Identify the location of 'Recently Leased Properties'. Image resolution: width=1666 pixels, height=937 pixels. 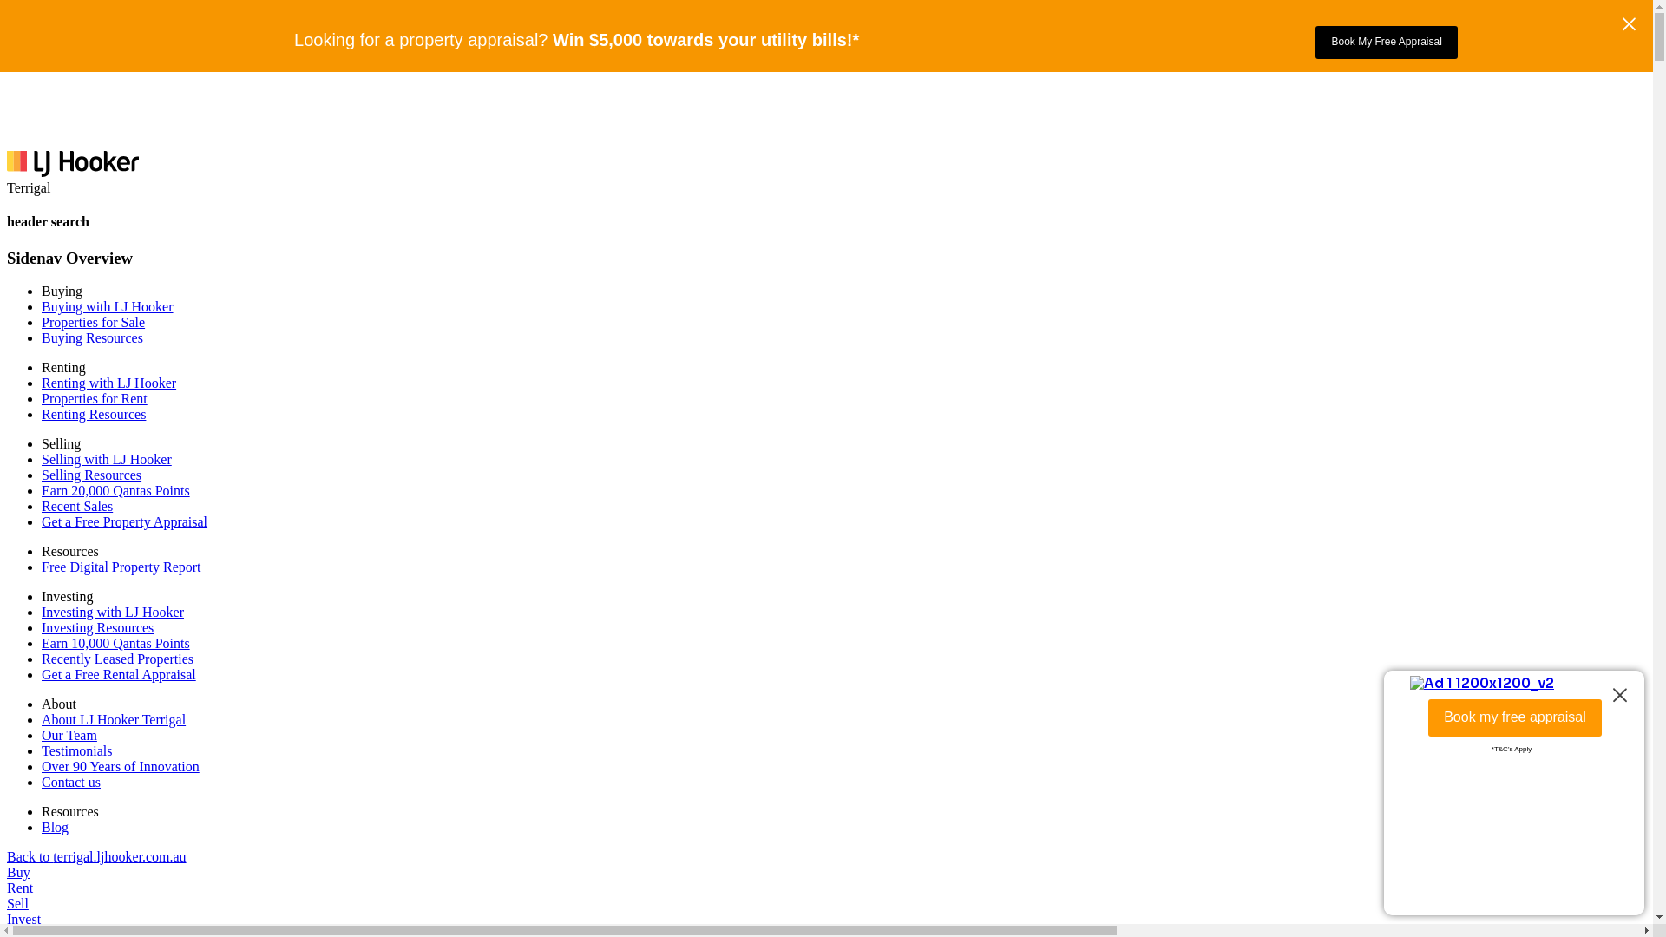
(116, 659).